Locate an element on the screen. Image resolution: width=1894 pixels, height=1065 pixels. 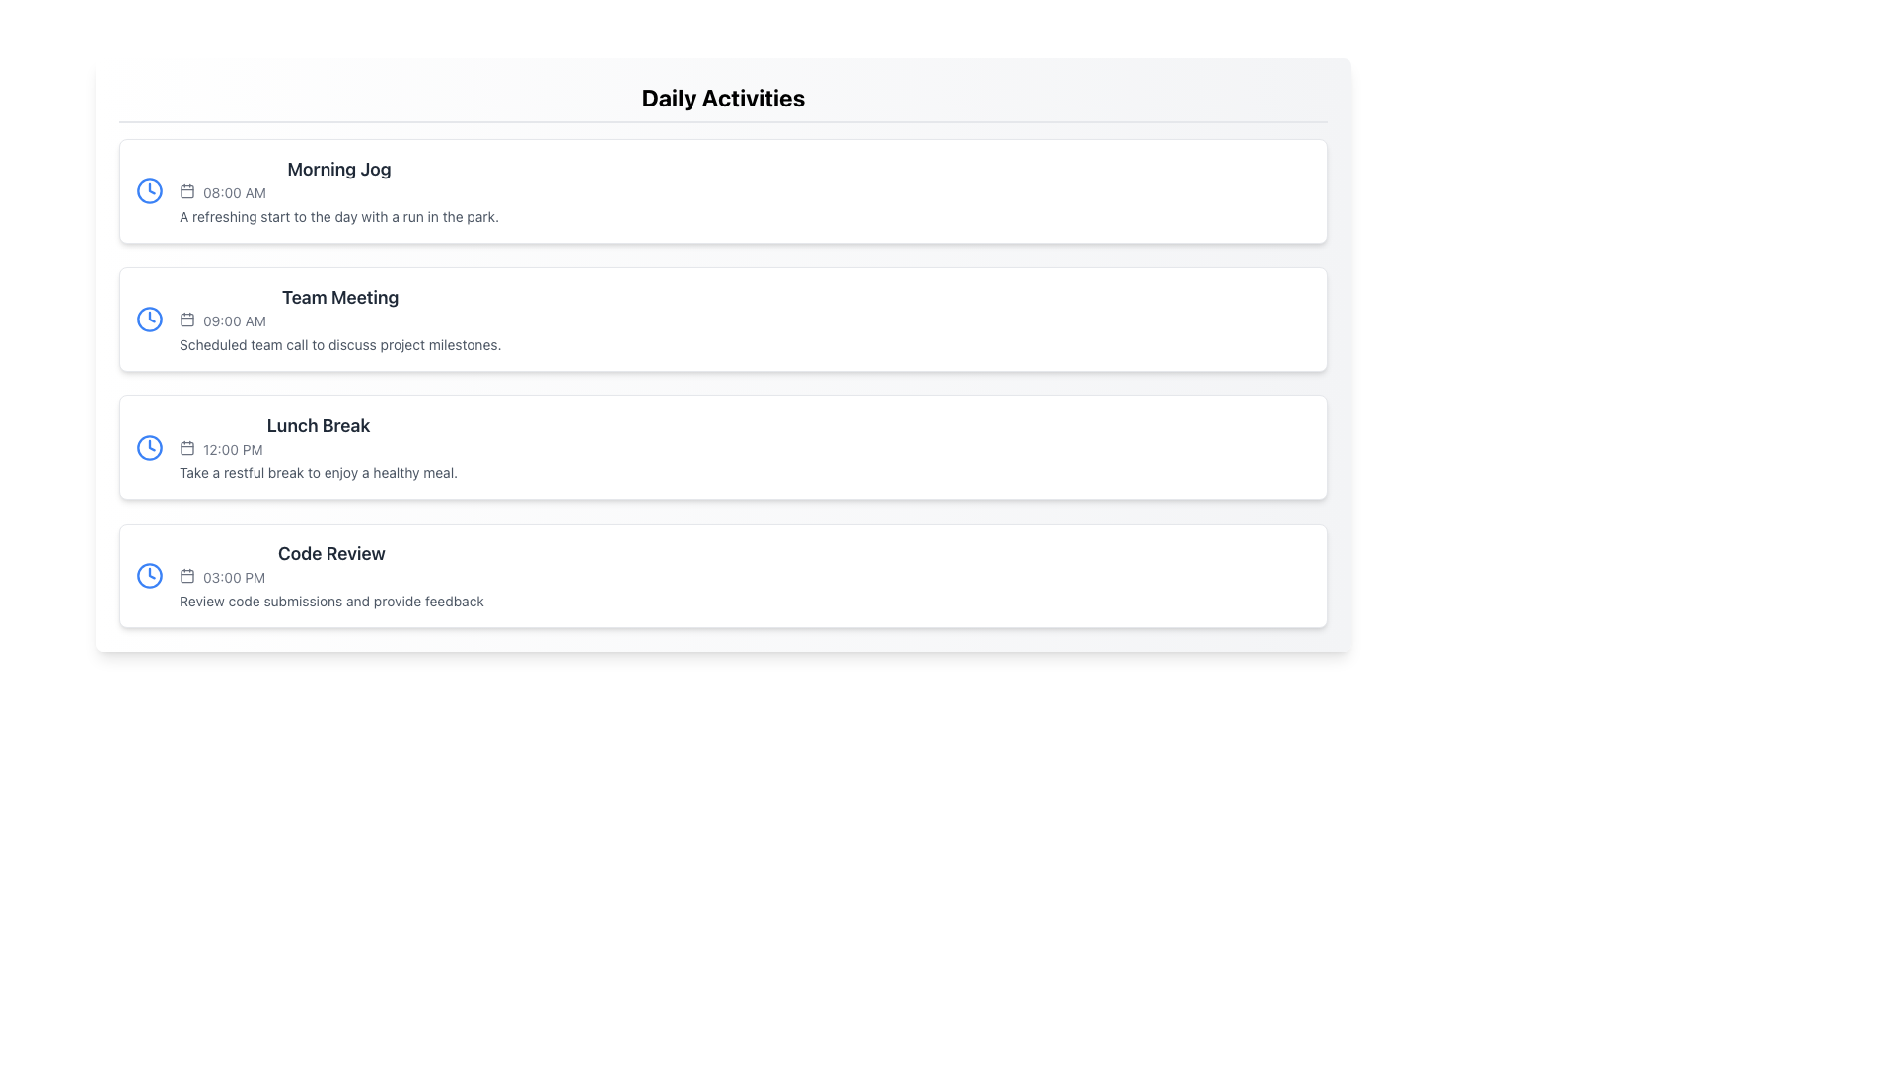
the calendar icon, which is a square shape with rounded corners, filled in red, located in the Daily Activities list next to '03:00 PM' for the task 'Code Review' is located at coordinates (187, 575).